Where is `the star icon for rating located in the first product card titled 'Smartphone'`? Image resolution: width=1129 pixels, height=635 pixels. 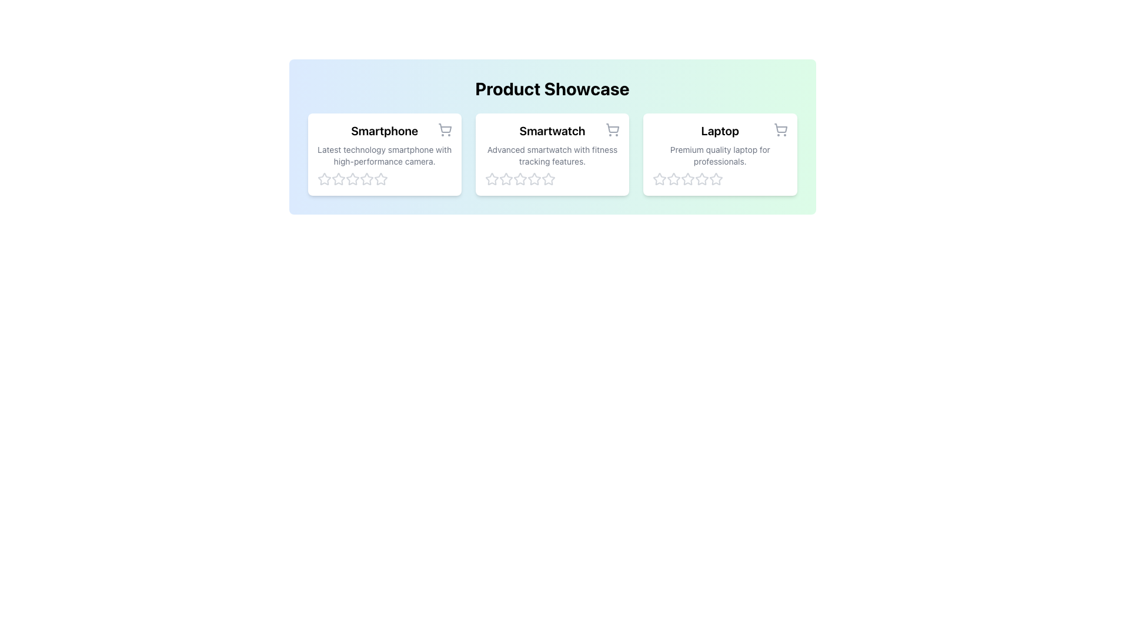 the star icon for rating located in the first product card titled 'Smartphone' is located at coordinates (338, 179).